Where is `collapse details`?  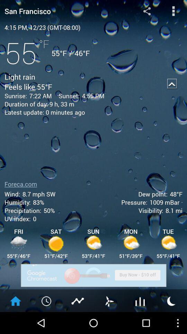 collapse details is located at coordinates (172, 83).